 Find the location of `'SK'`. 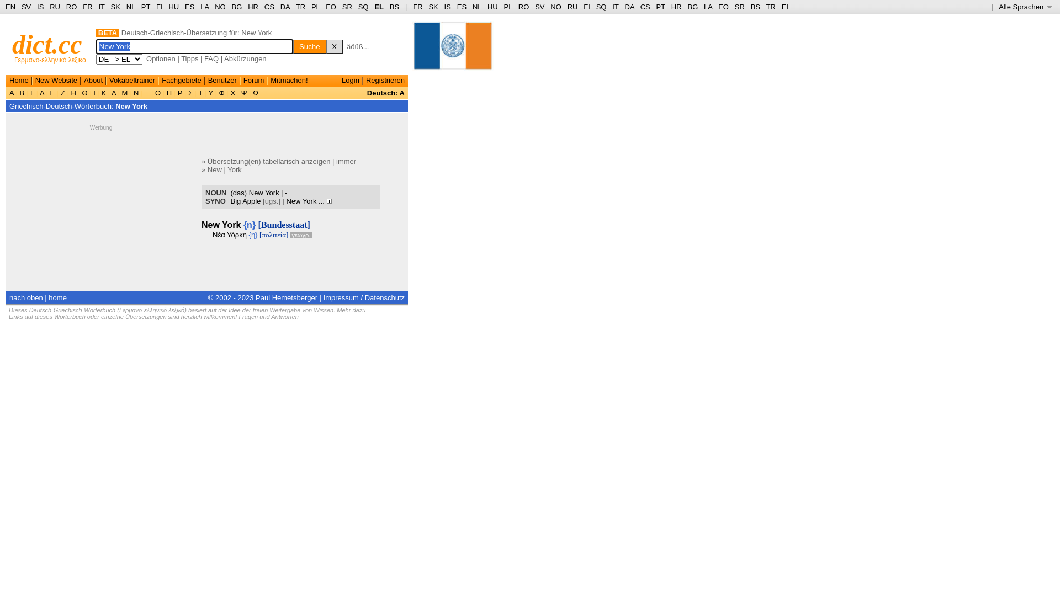

'SK' is located at coordinates (432, 7).